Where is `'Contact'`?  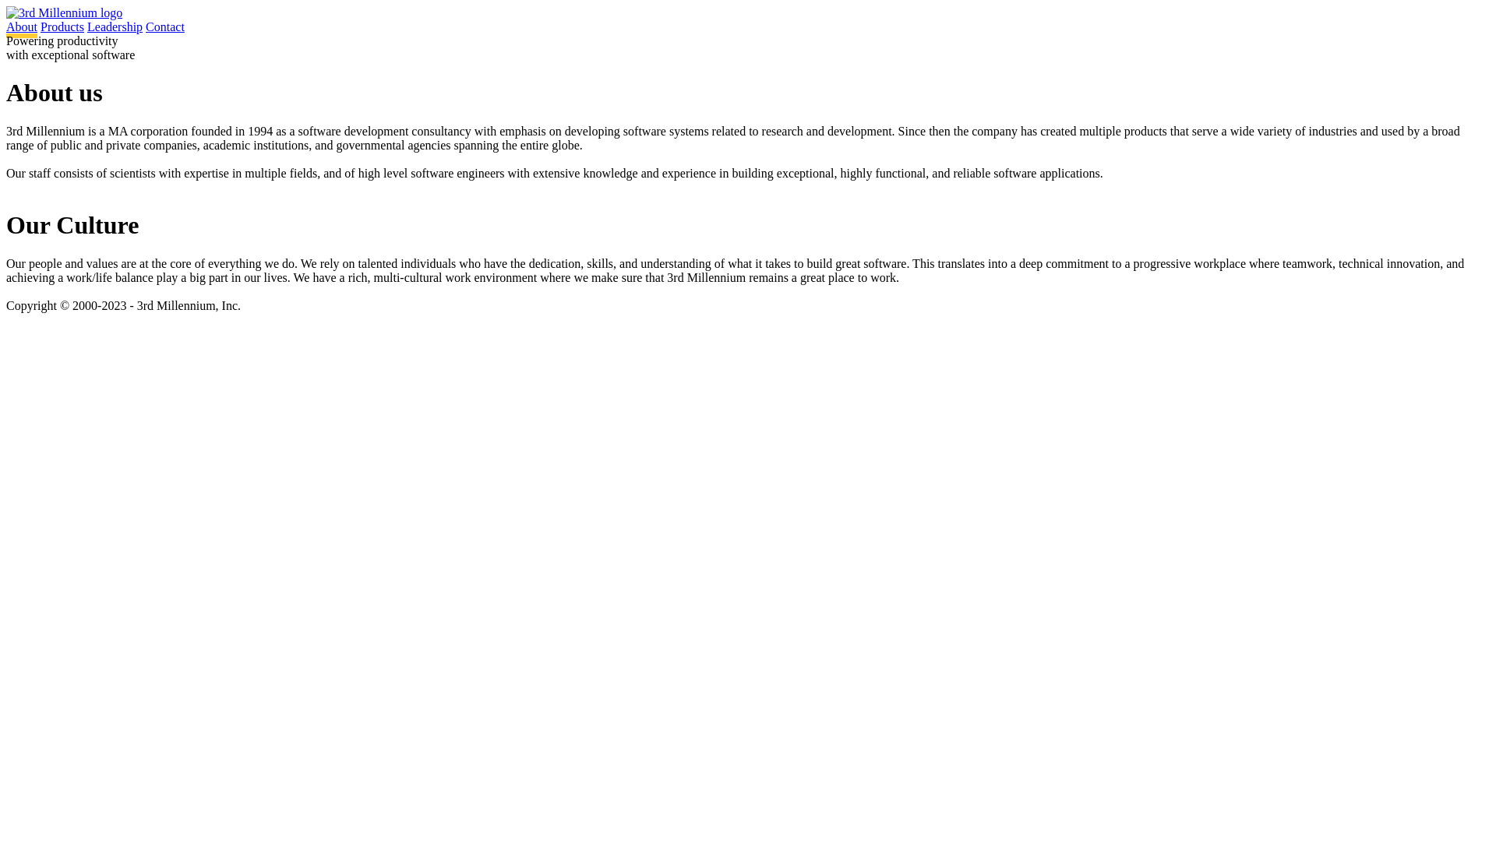
'Contact' is located at coordinates (164, 26).